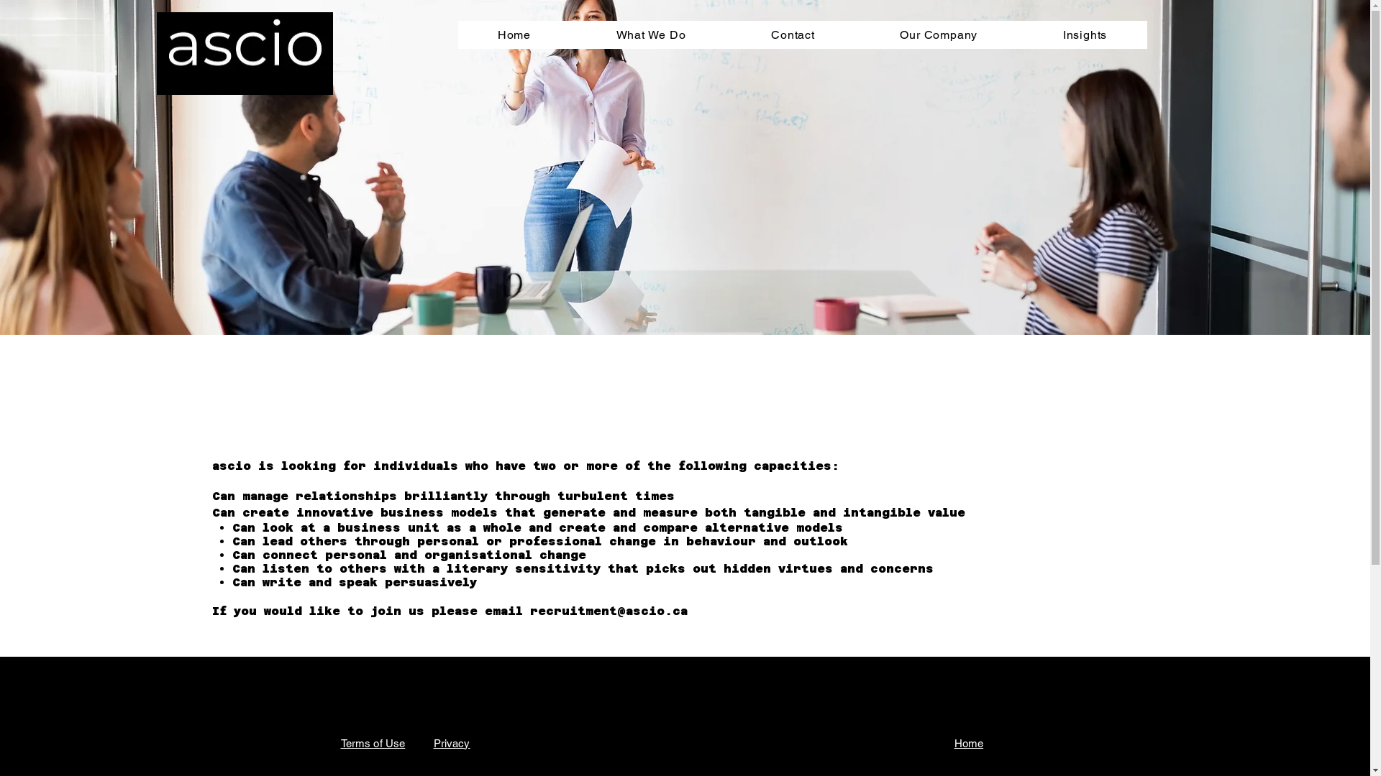 The width and height of the screenshot is (1381, 776). What do you see at coordinates (608, 611) in the screenshot?
I see `'recruitment@ascio.ca'` at bounding box center [608, 611].